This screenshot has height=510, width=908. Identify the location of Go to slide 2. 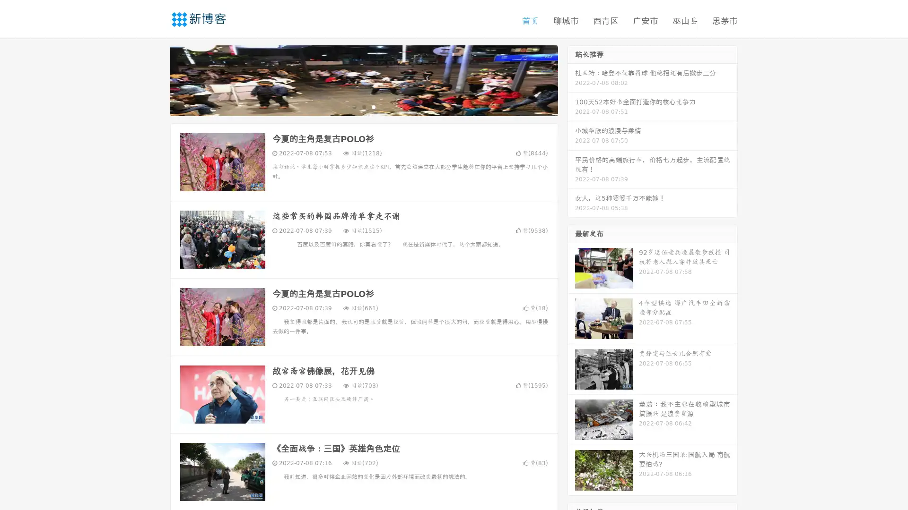
(363, 106).